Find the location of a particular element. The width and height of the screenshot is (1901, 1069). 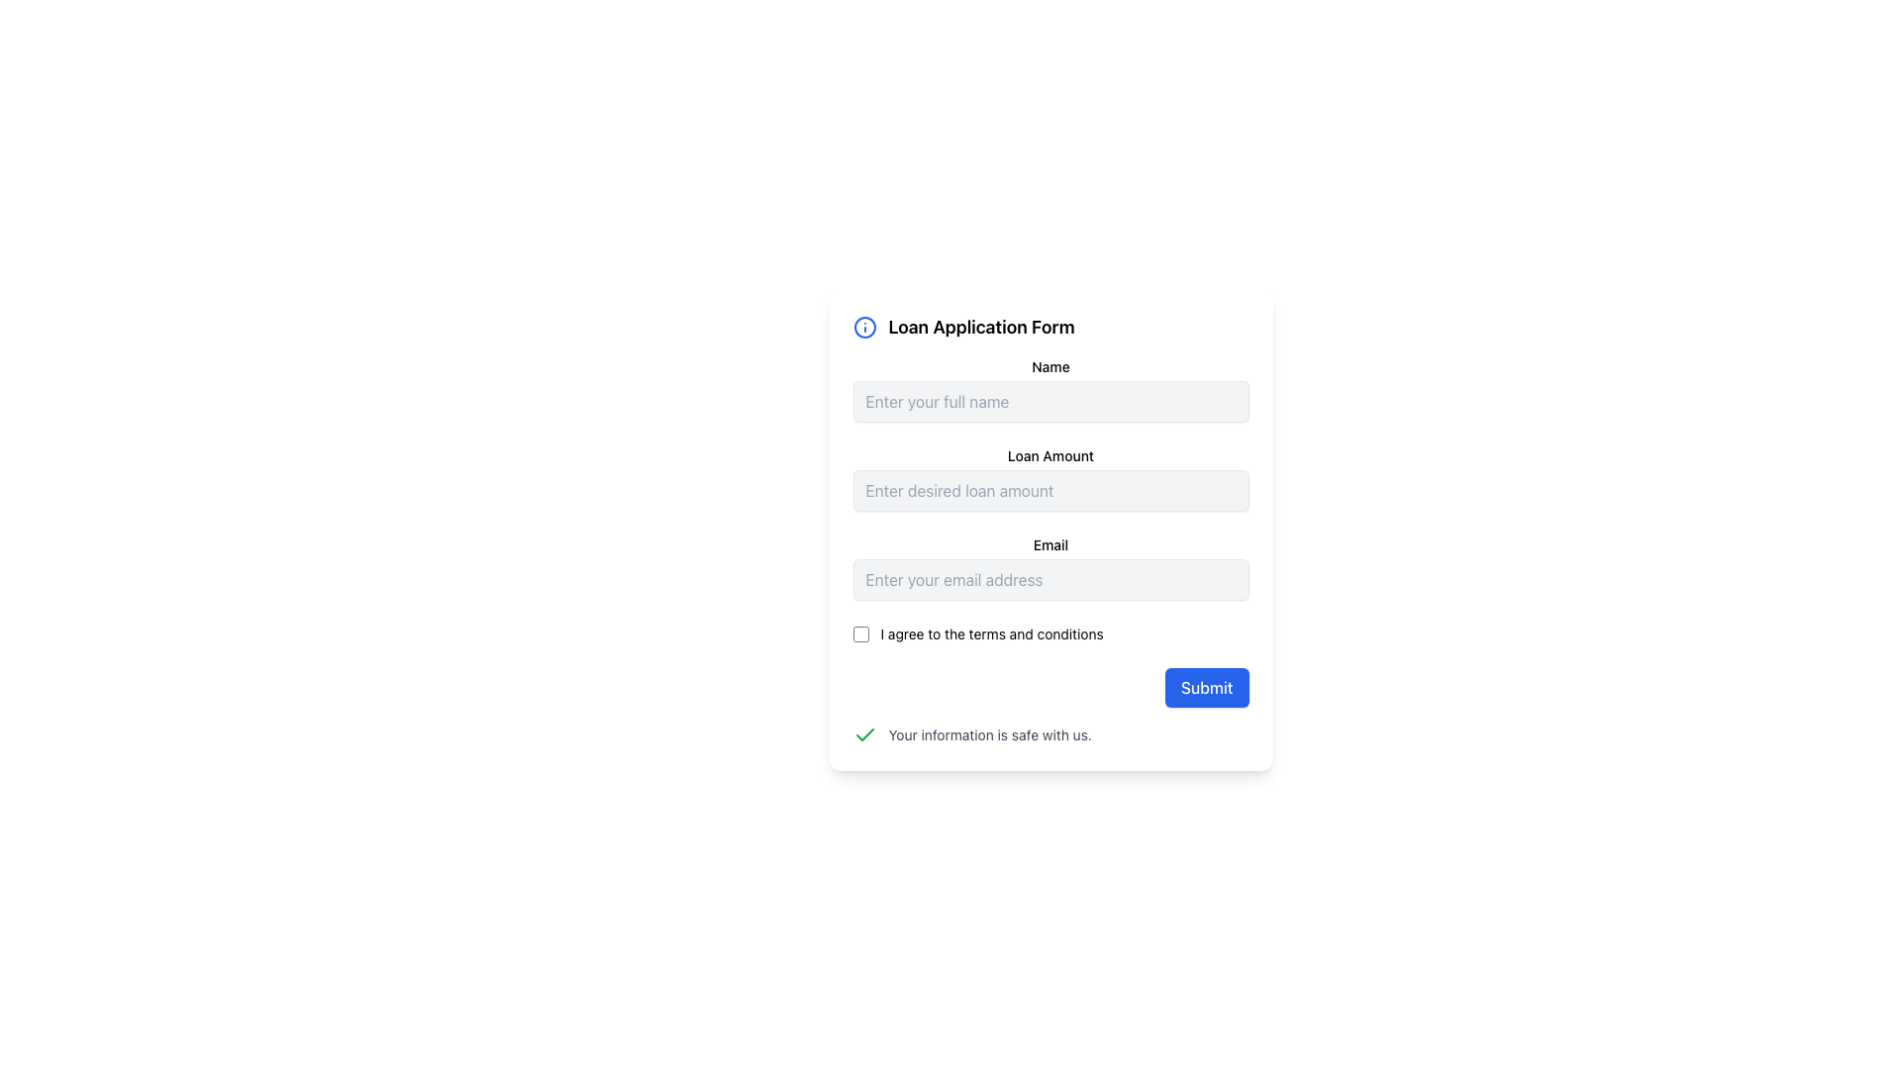

the green checkmark icon located in the bottom-left section of the modal-like form card, adjacent to the text 'Your information is safe with us.' is located at coordinates (864, 735).